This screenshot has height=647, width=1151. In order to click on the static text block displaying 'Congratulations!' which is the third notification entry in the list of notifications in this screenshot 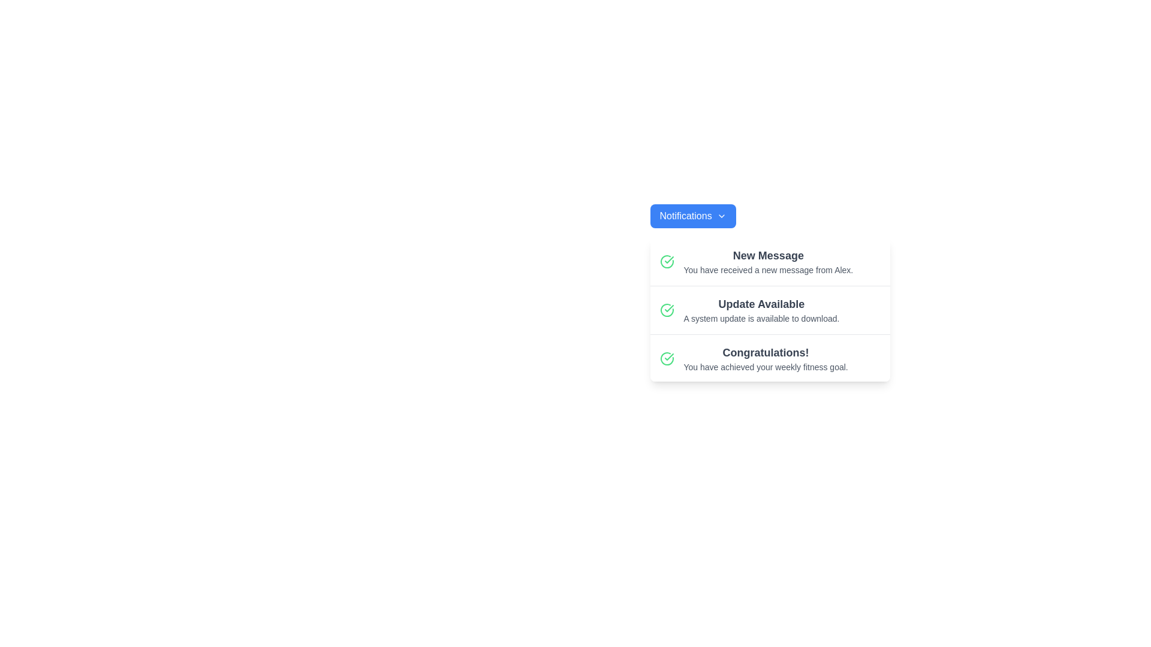, I will do `click(765, 358)`.